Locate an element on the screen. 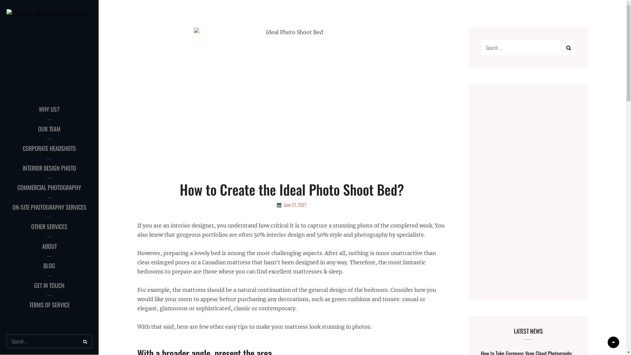  'CORPORATE HEADSHOTS' is located at coordinates (0, 148).